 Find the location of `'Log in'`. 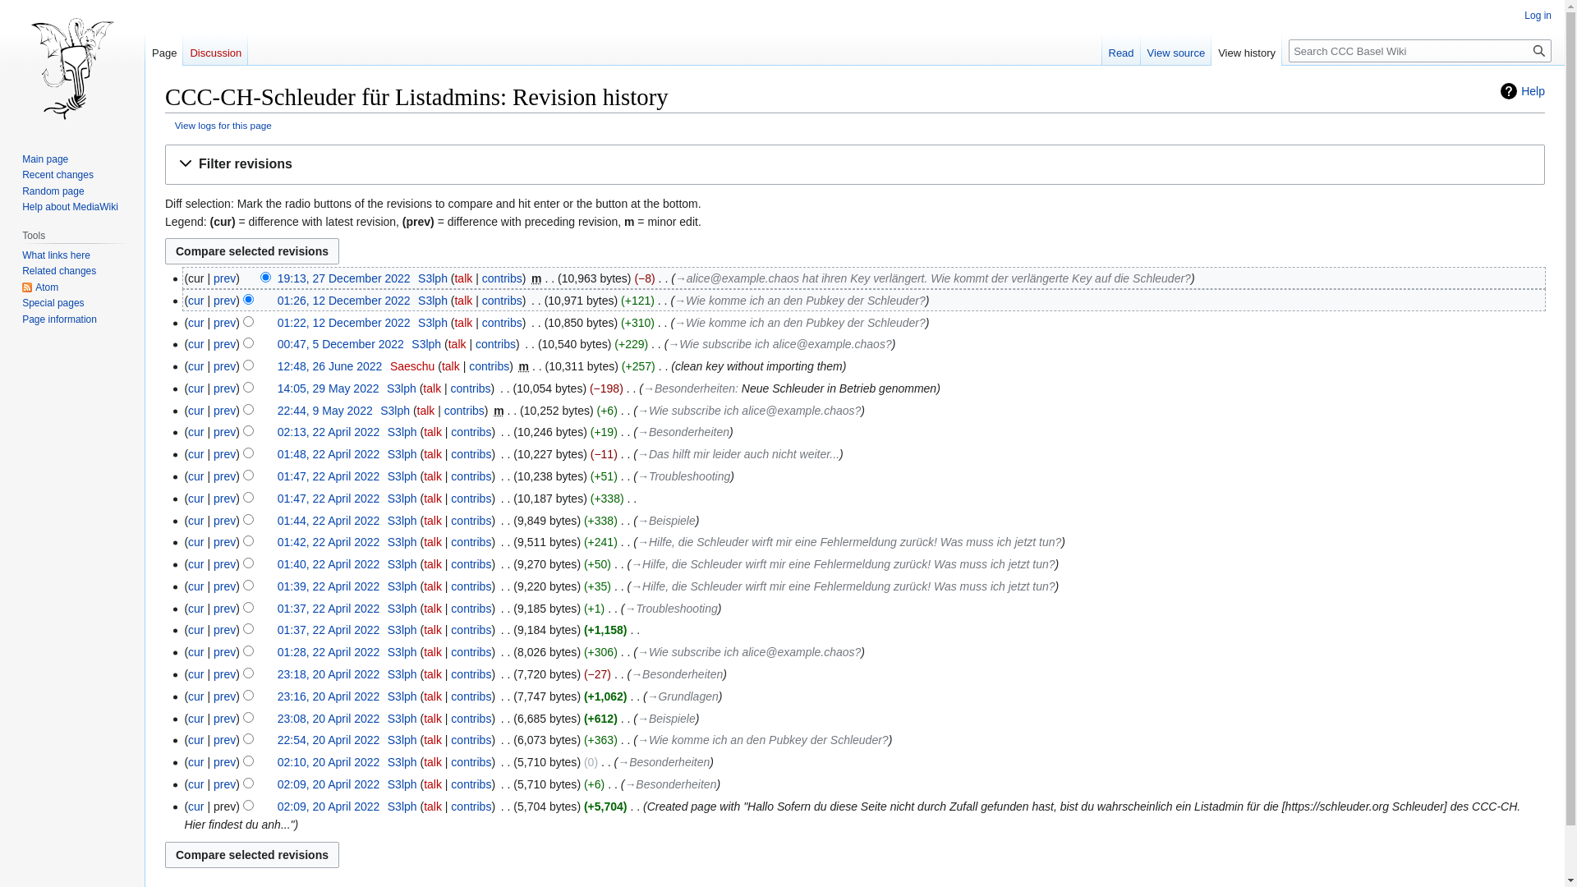

'Log in' is located at coordinates (1537, 16).